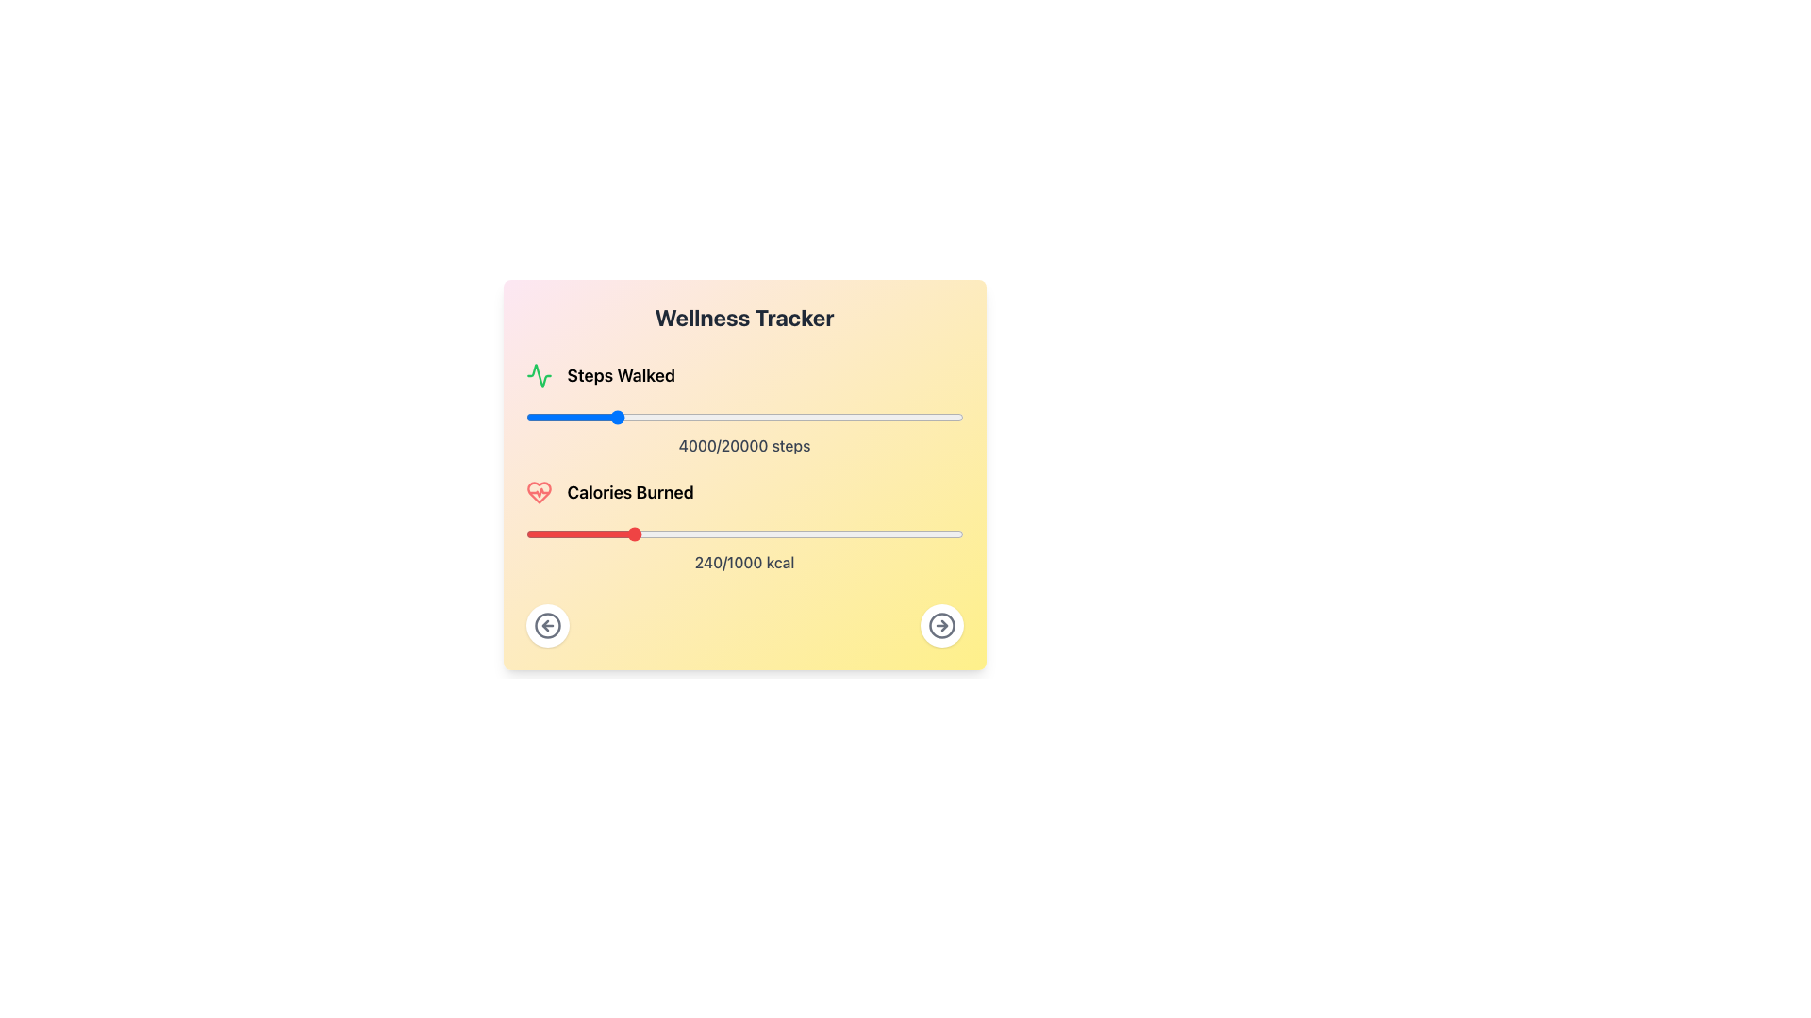 The width and height of the screenshot is (1811, 1018). What do you see at coordinates (753, 534) in the screenshot?
I see `the calories burned slider` at bounding box center [753, 534].